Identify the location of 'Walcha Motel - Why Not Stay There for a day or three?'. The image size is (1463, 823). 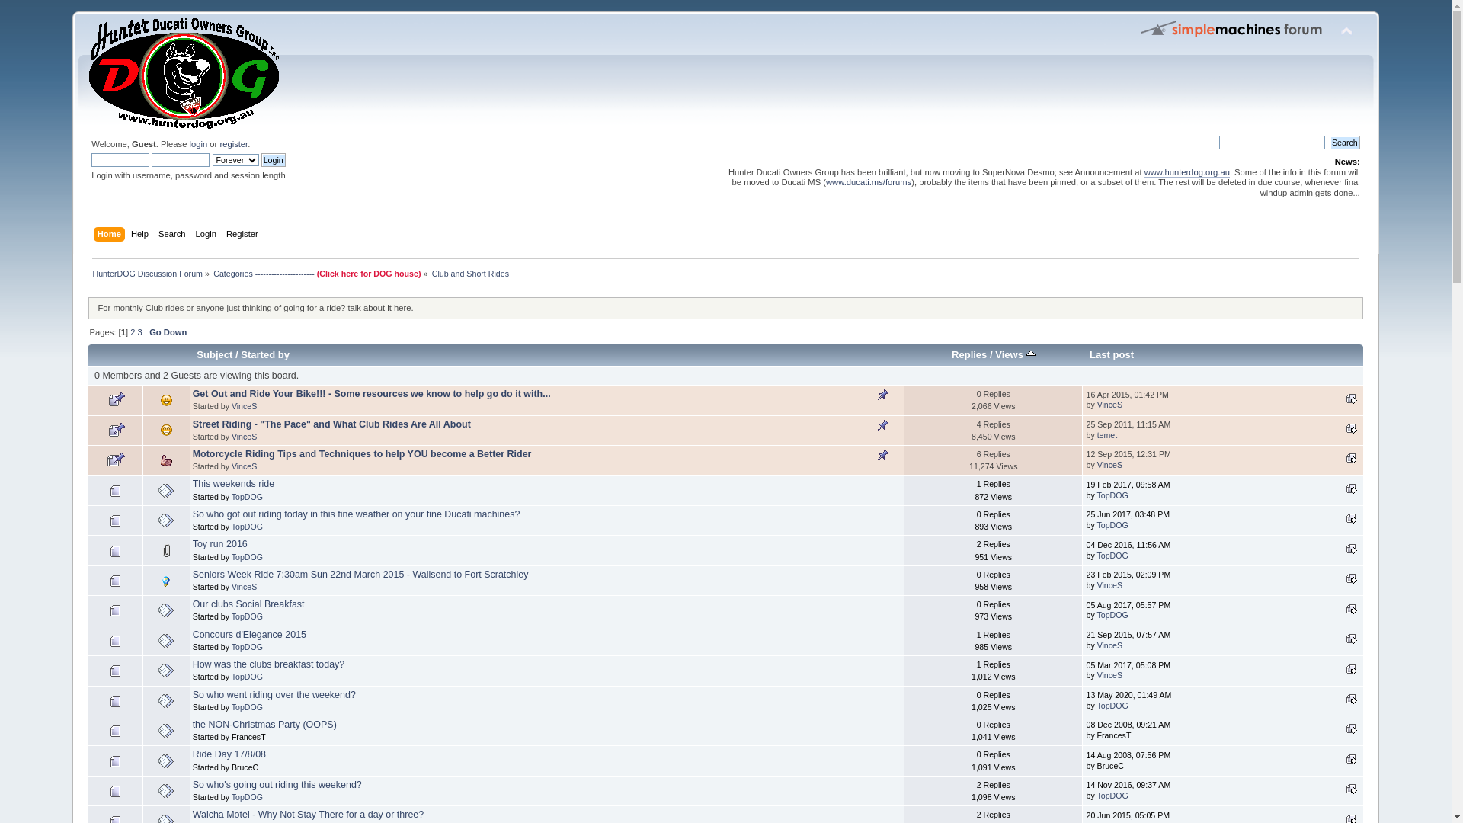
(192, 813).